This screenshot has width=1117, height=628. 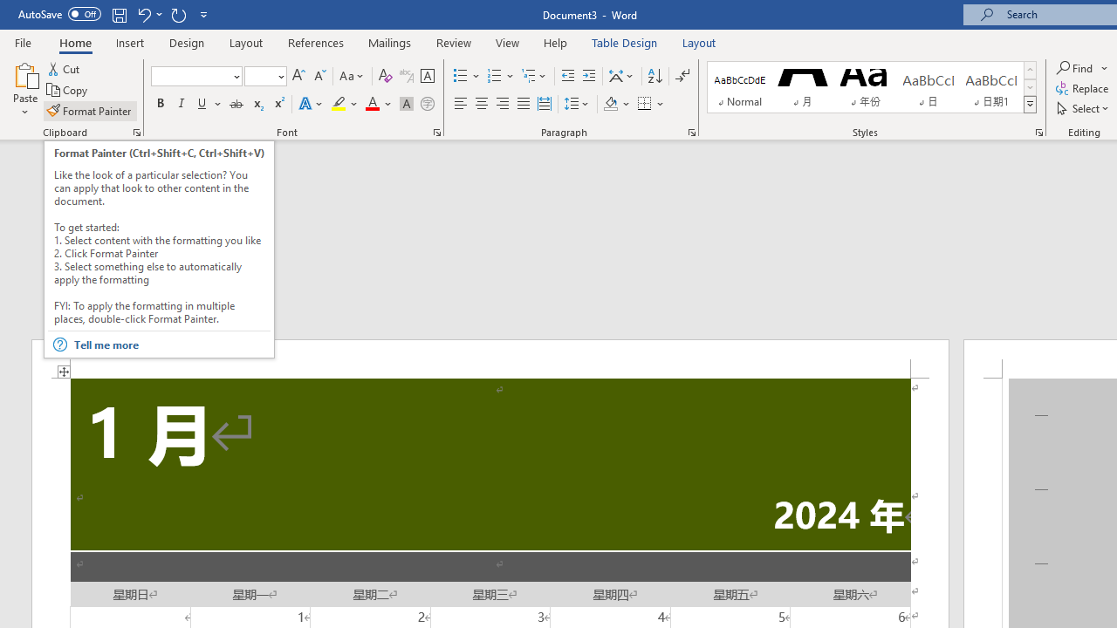 I want to click on 'Clear Formatting', so click(x=385, y=75).